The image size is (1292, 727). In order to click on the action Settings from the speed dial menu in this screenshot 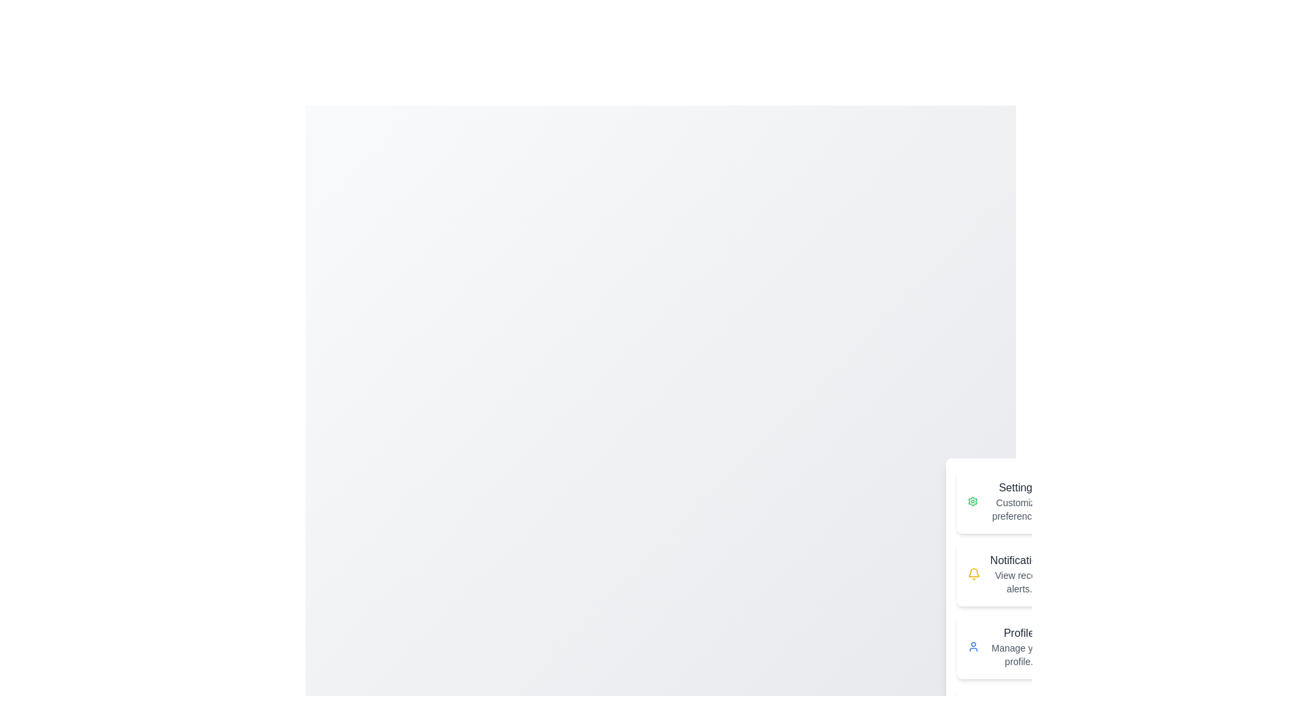, I will do `click(1008, 501)`.